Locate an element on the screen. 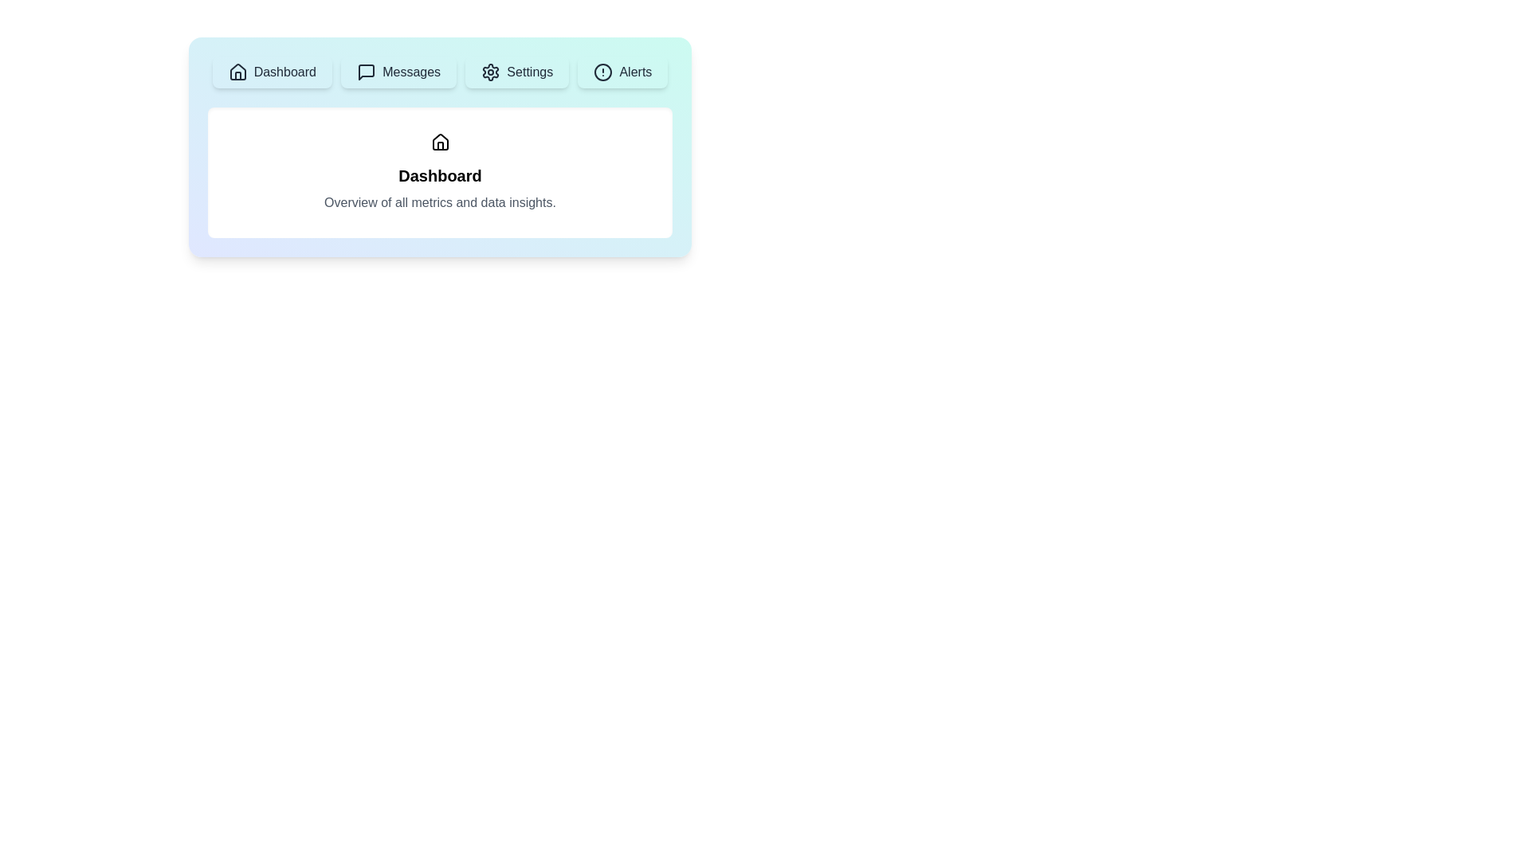  the Dashboard tab is located at coordinates (272, 72).